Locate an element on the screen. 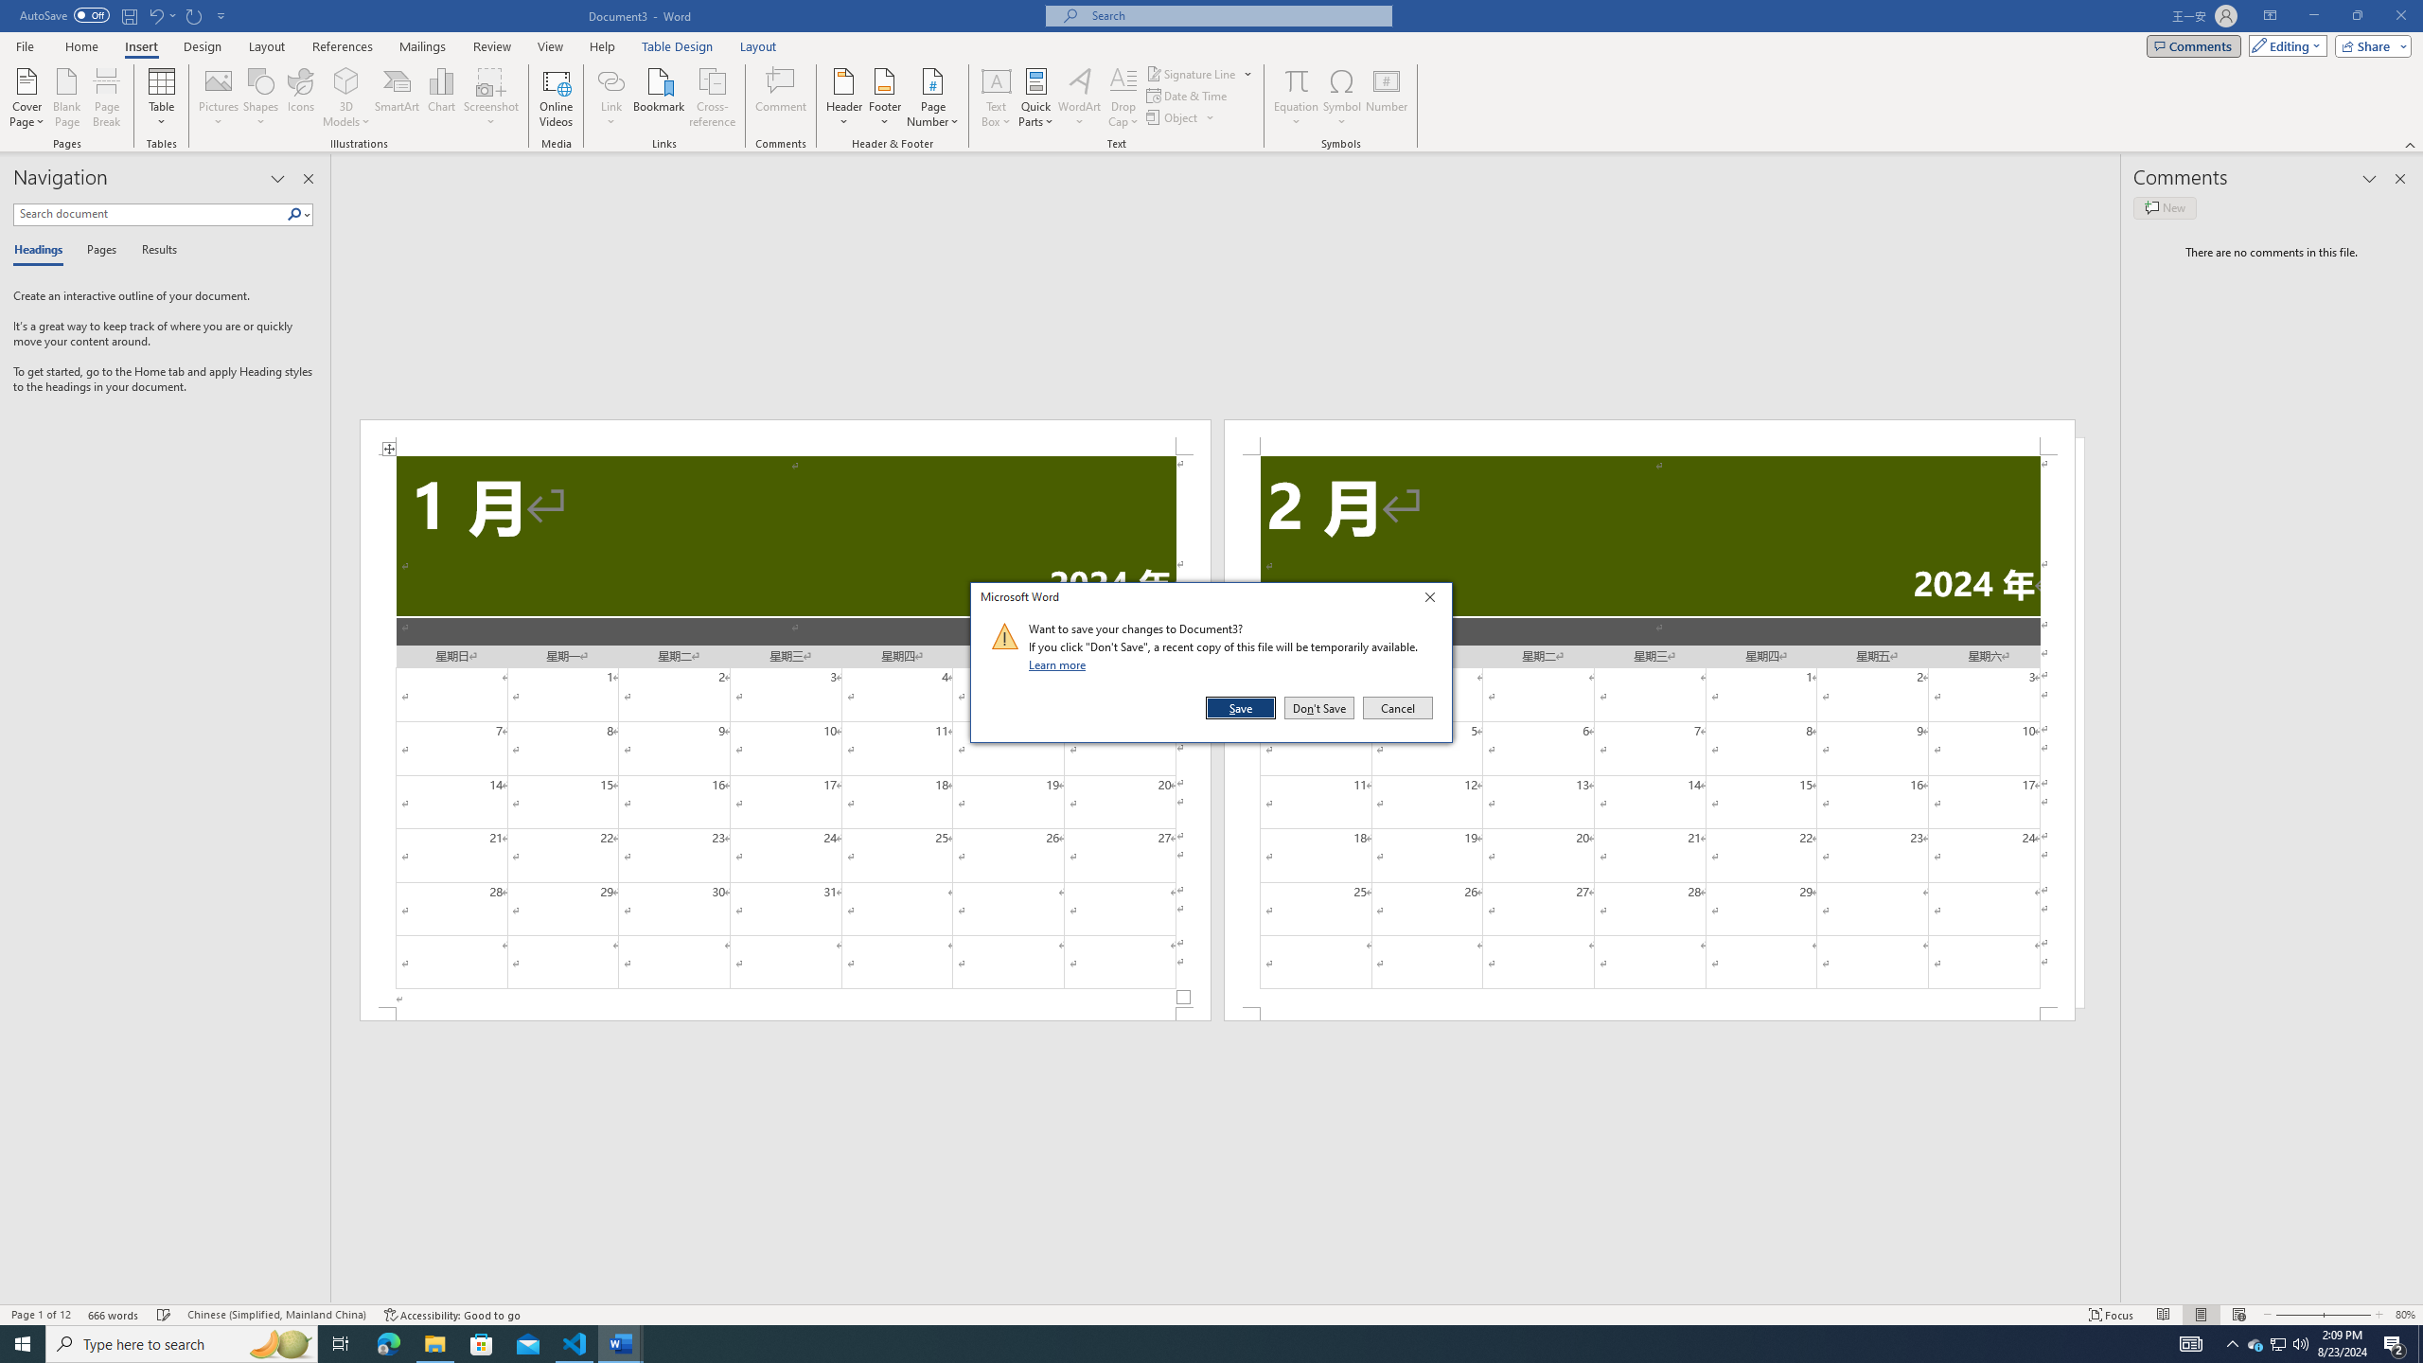 This screenshot has width=2423, height=1363. 'Restore Down' is located at coordinates (2357, 15).